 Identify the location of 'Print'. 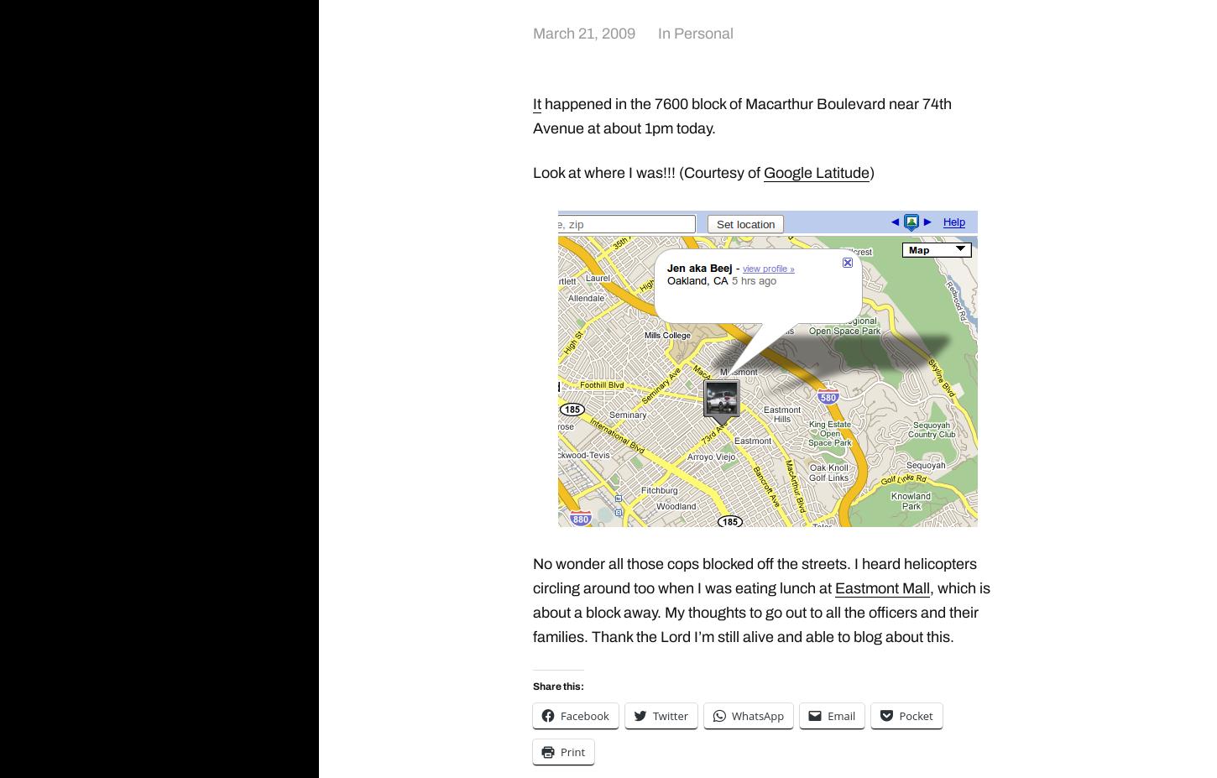
(572, 751).